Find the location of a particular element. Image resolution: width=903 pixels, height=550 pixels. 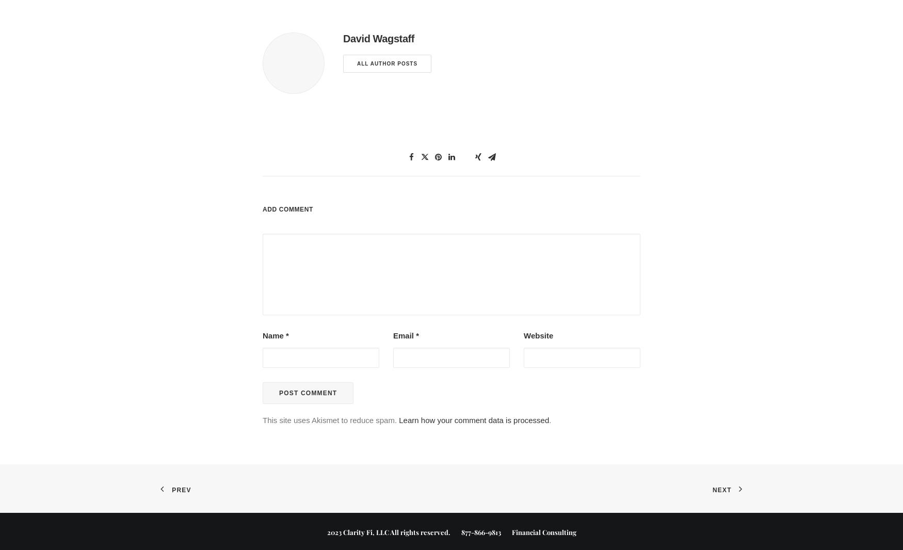

'877-866-9813' is located at coordinates (480, 531).